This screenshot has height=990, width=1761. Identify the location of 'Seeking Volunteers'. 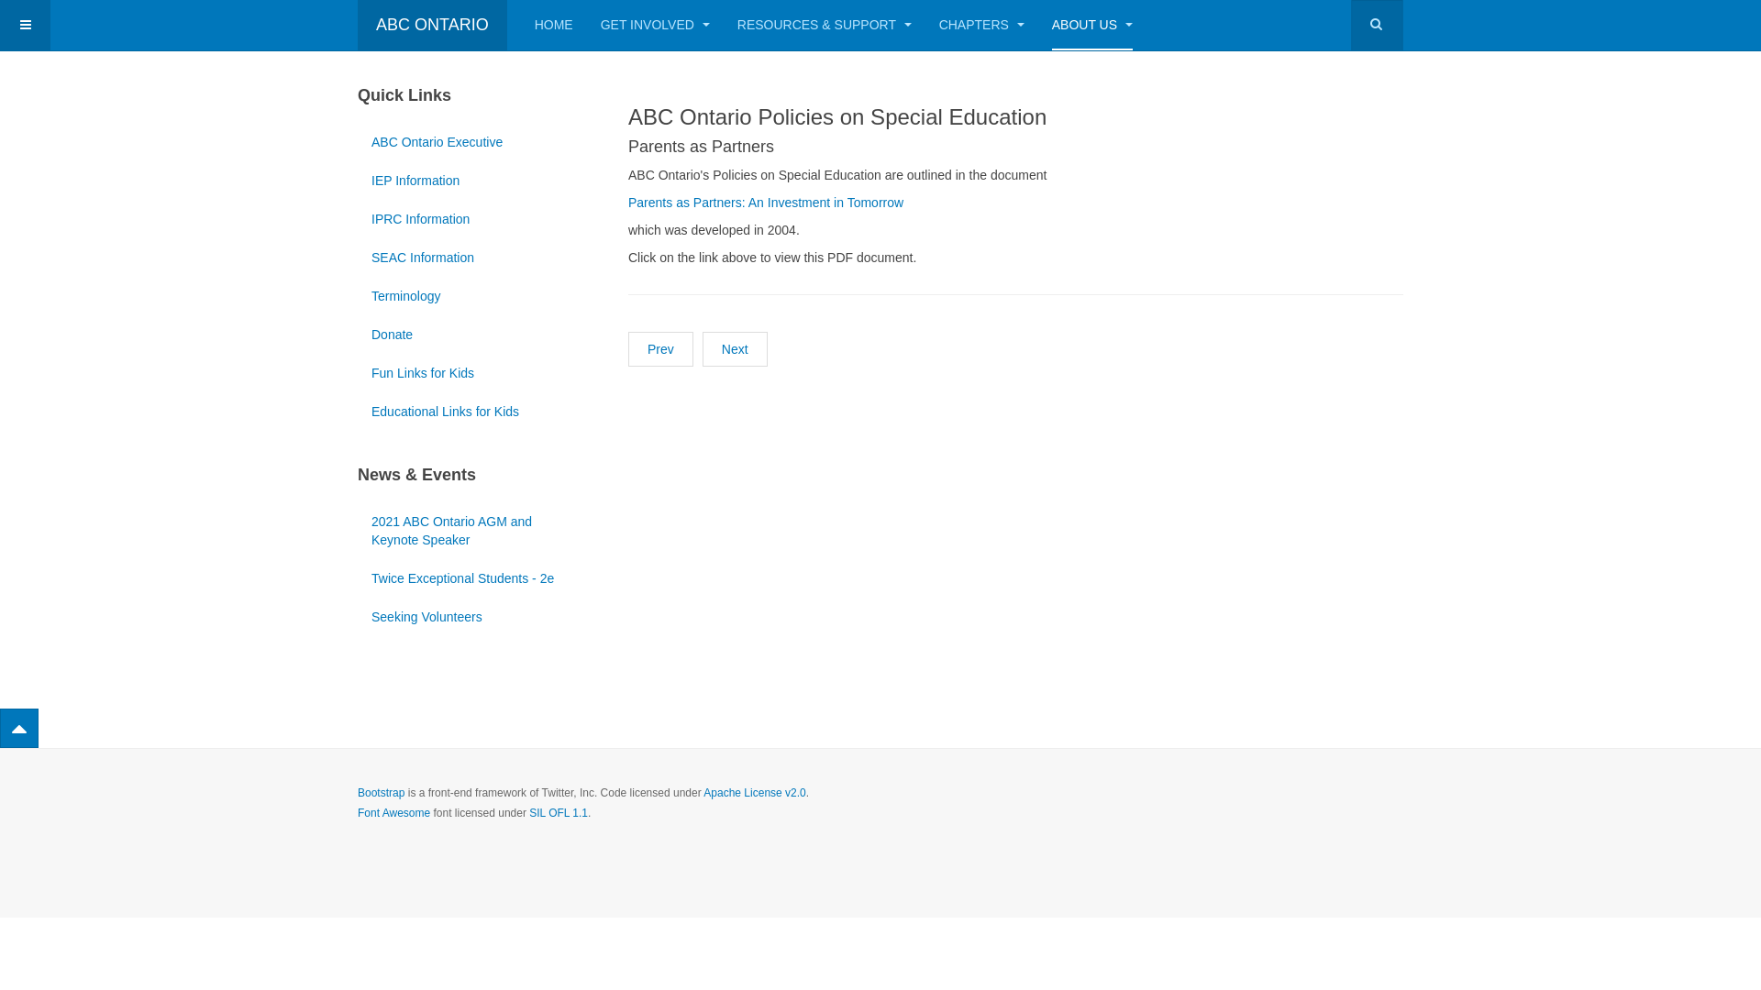
(474, 616).